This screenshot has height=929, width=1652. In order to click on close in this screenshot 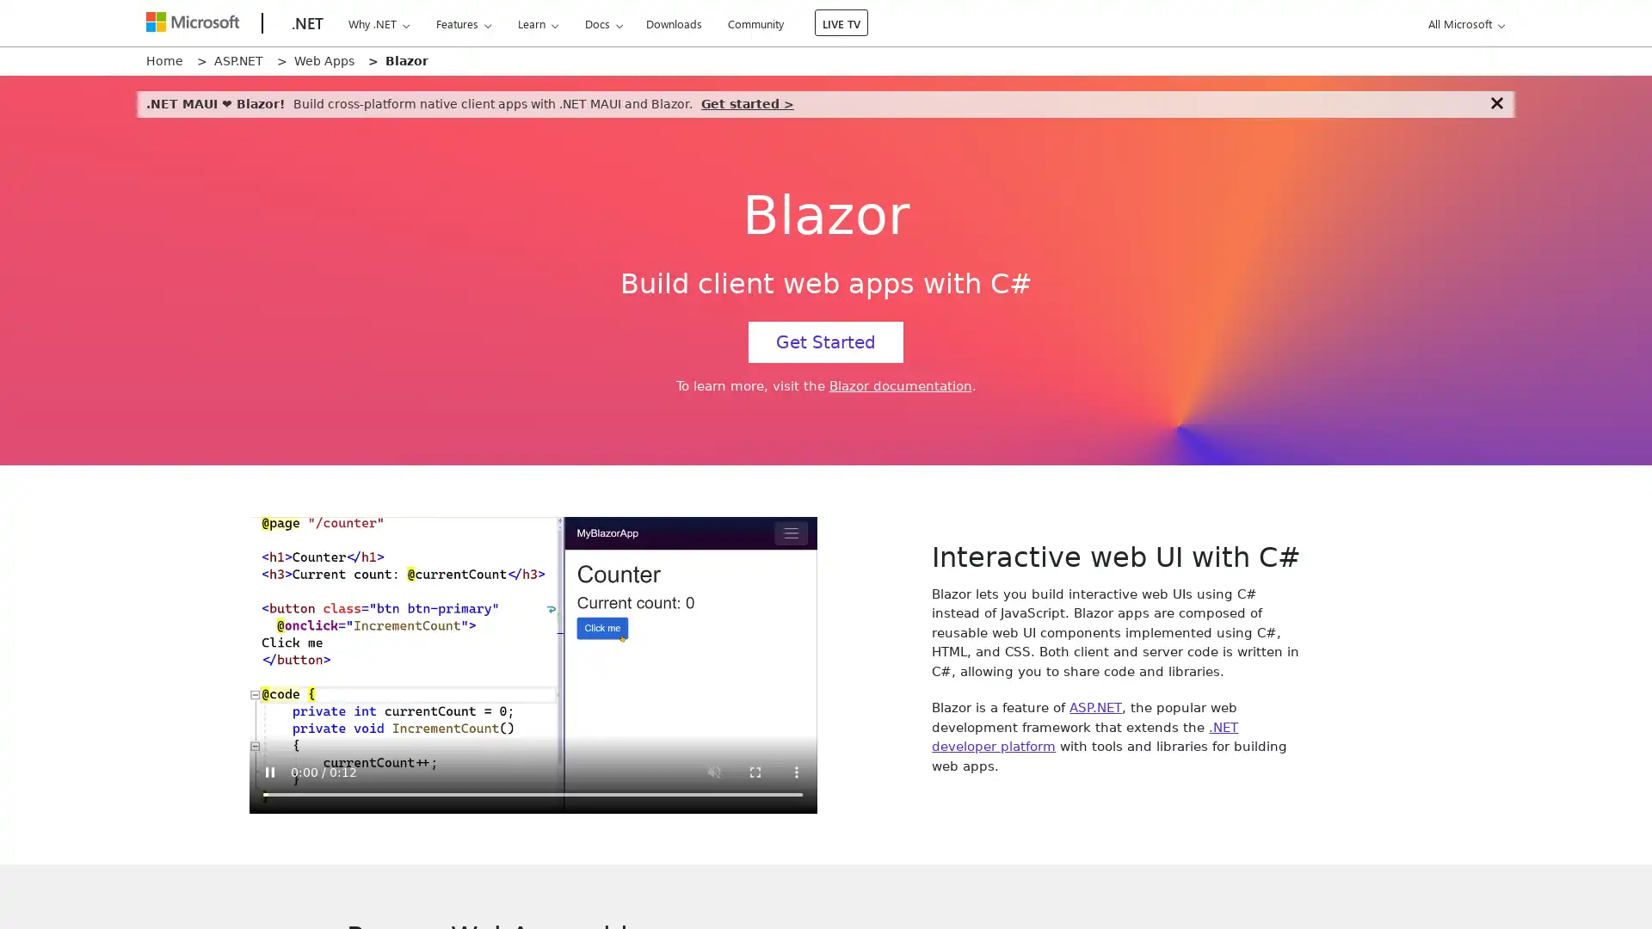, I will do `click(1495, 102)`.